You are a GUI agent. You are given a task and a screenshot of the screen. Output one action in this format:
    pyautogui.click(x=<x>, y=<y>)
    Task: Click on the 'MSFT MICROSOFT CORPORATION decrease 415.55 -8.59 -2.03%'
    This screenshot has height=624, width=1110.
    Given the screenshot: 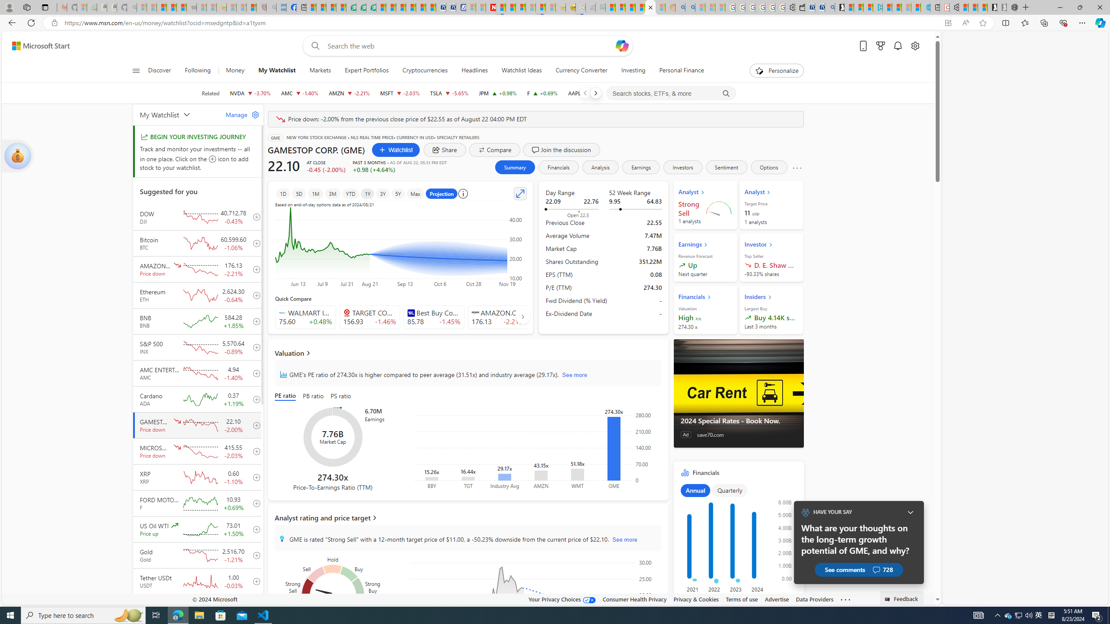 What is the action you would take?
    pyautogui.click(x=399, y=93)
    